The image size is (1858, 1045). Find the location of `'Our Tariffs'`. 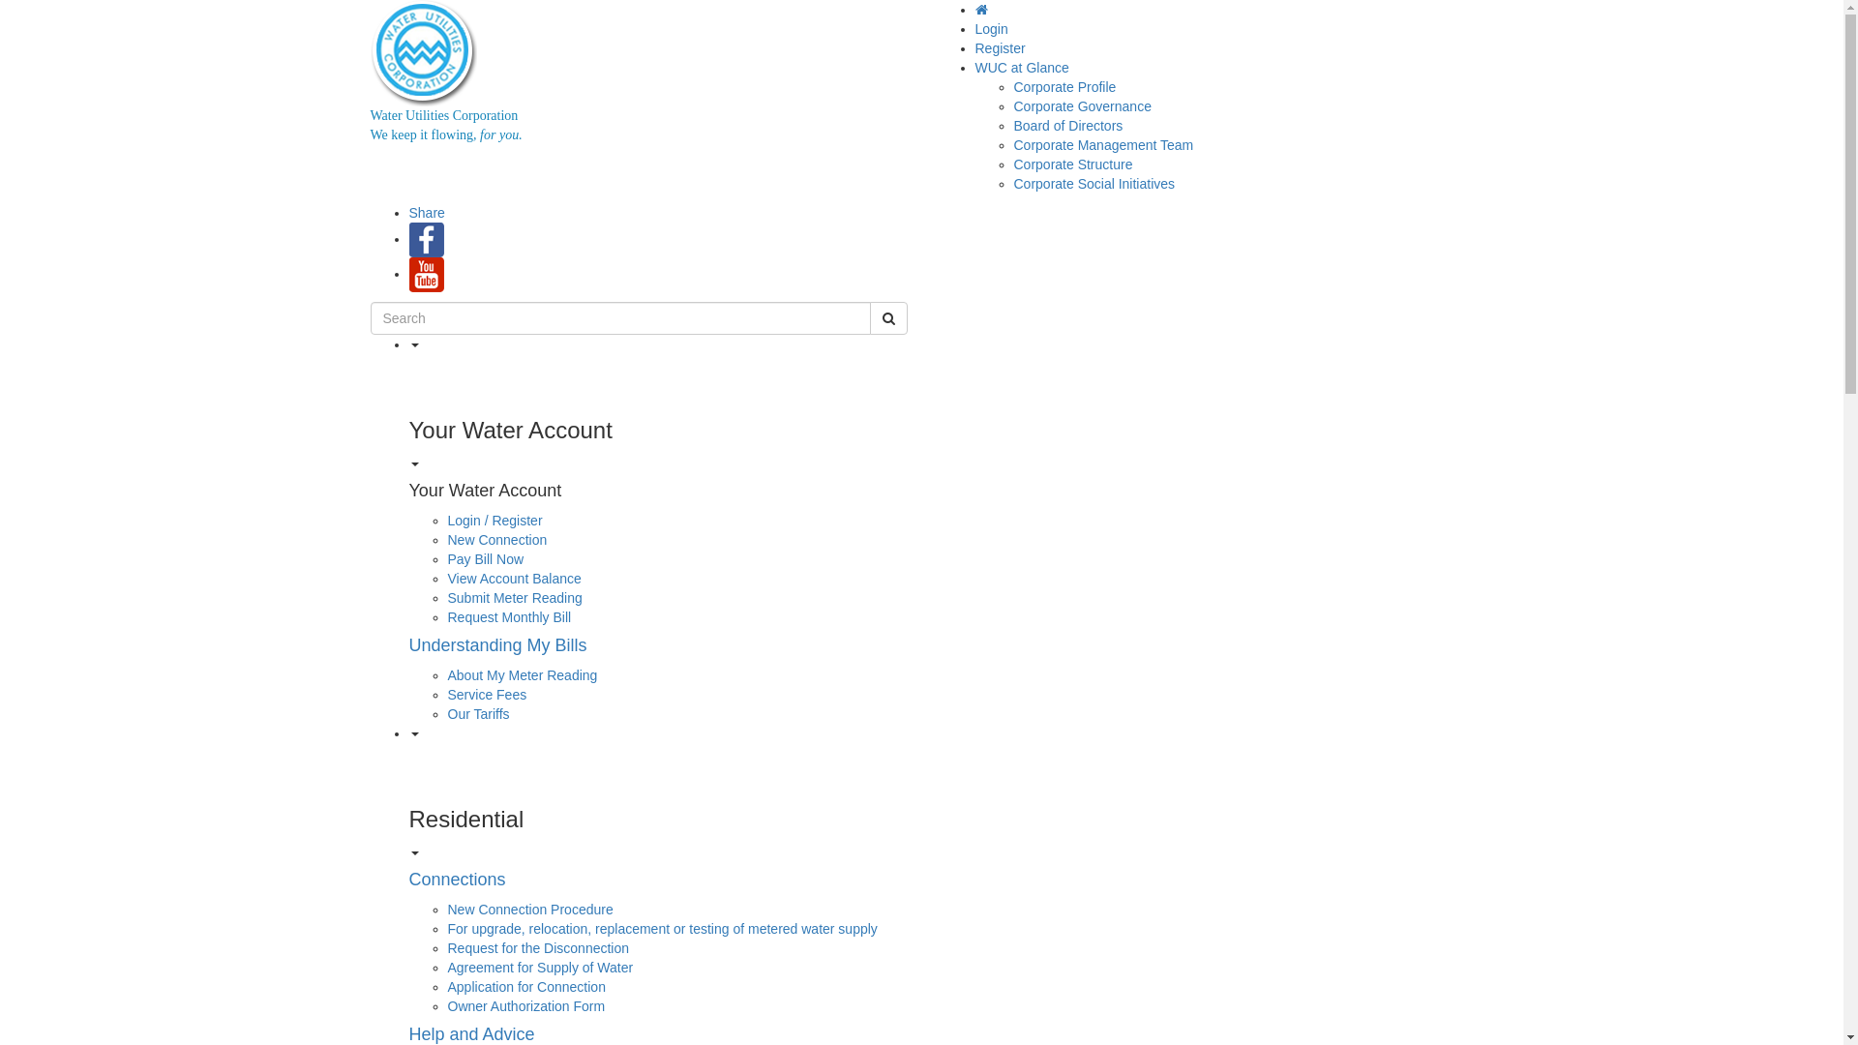

'Our Tariffs' is located at coordinates (478, 713).